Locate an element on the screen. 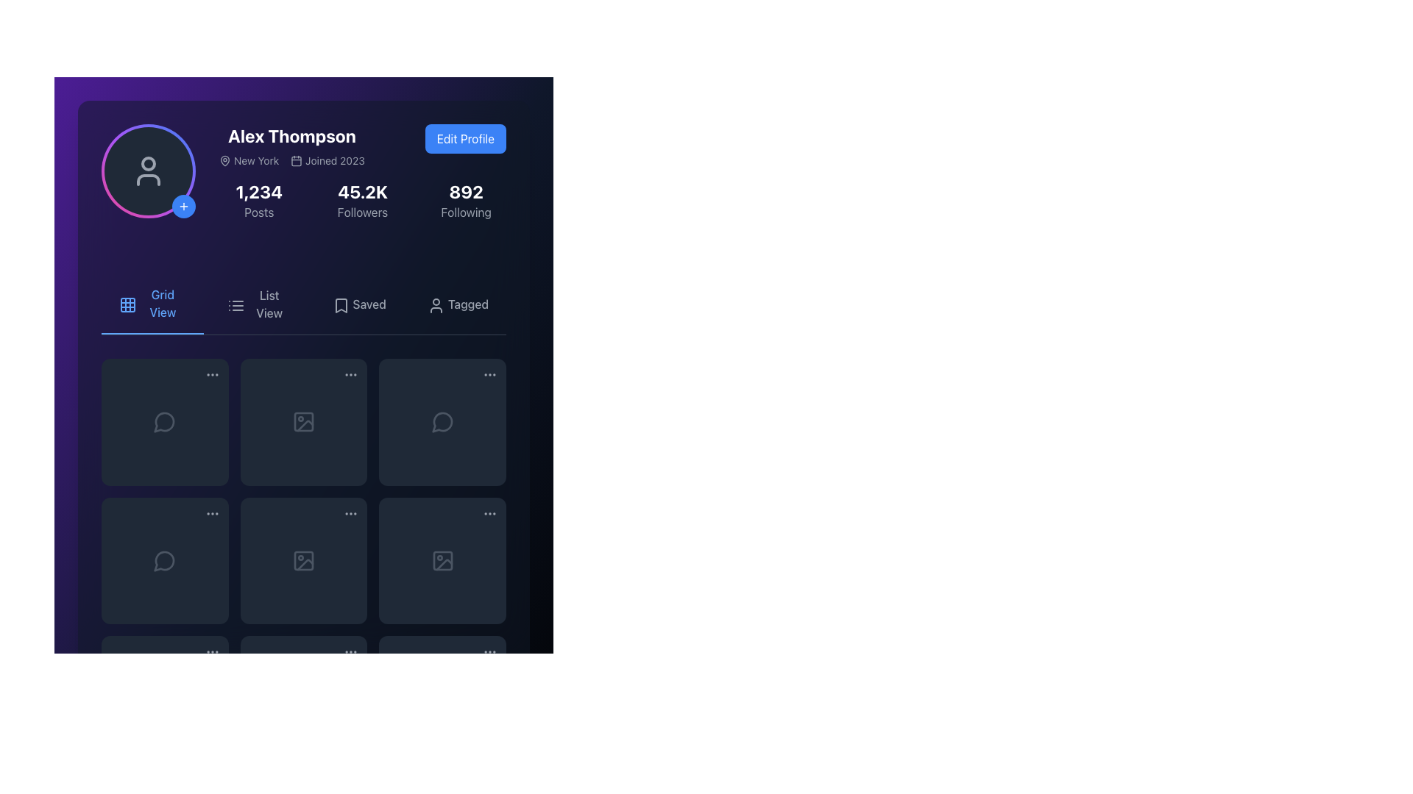  the comment or speech bubble icon is located at coordinates (164, 422).